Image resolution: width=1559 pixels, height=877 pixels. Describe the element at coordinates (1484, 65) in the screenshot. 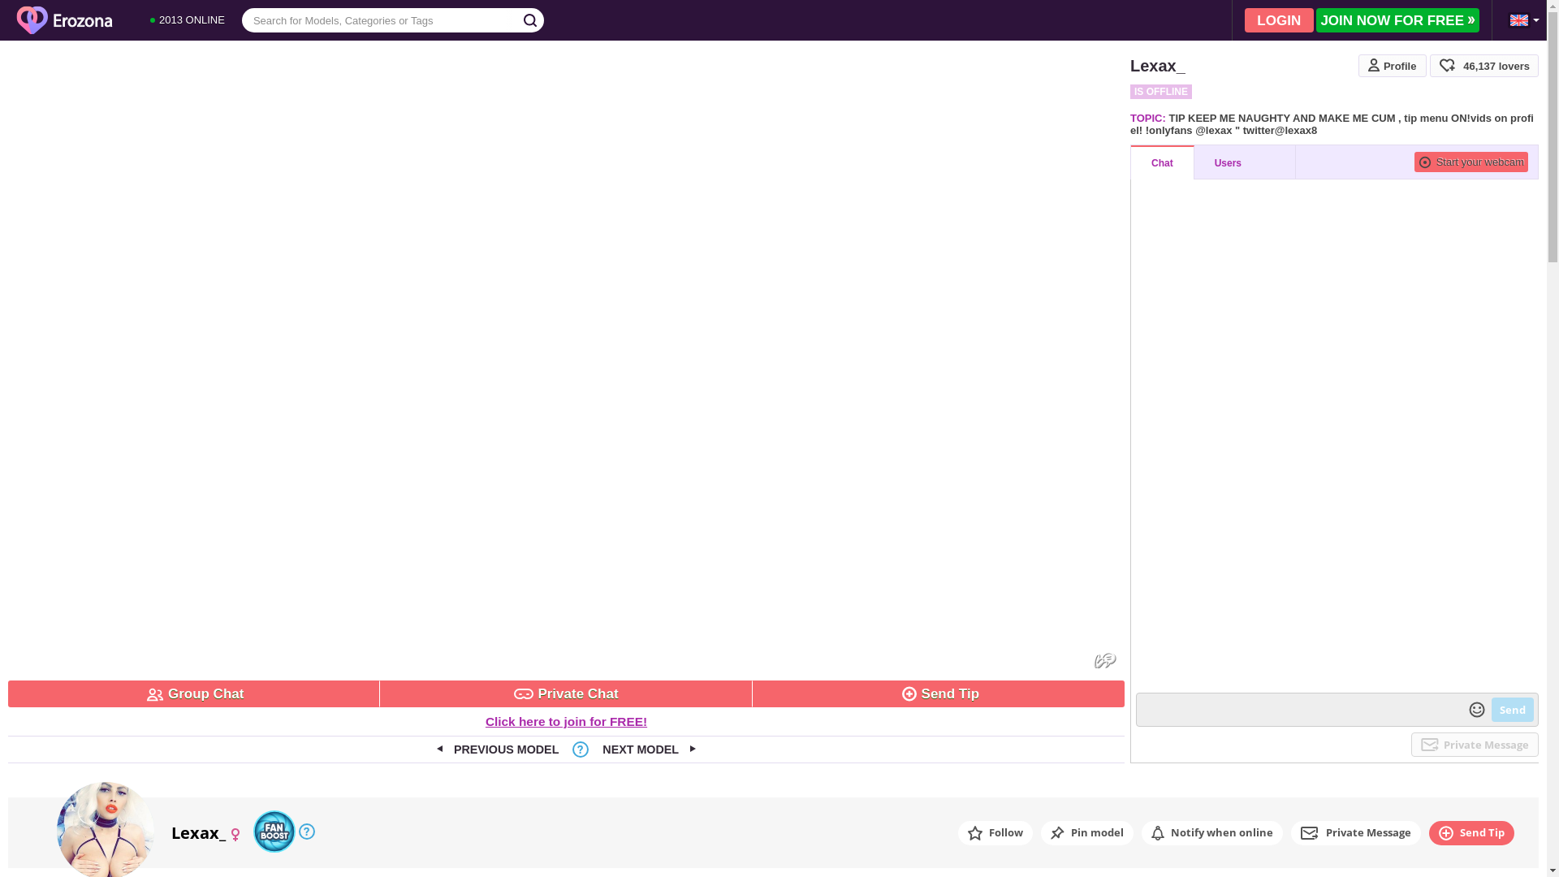

I see `'46,137 lovers'` at that location.